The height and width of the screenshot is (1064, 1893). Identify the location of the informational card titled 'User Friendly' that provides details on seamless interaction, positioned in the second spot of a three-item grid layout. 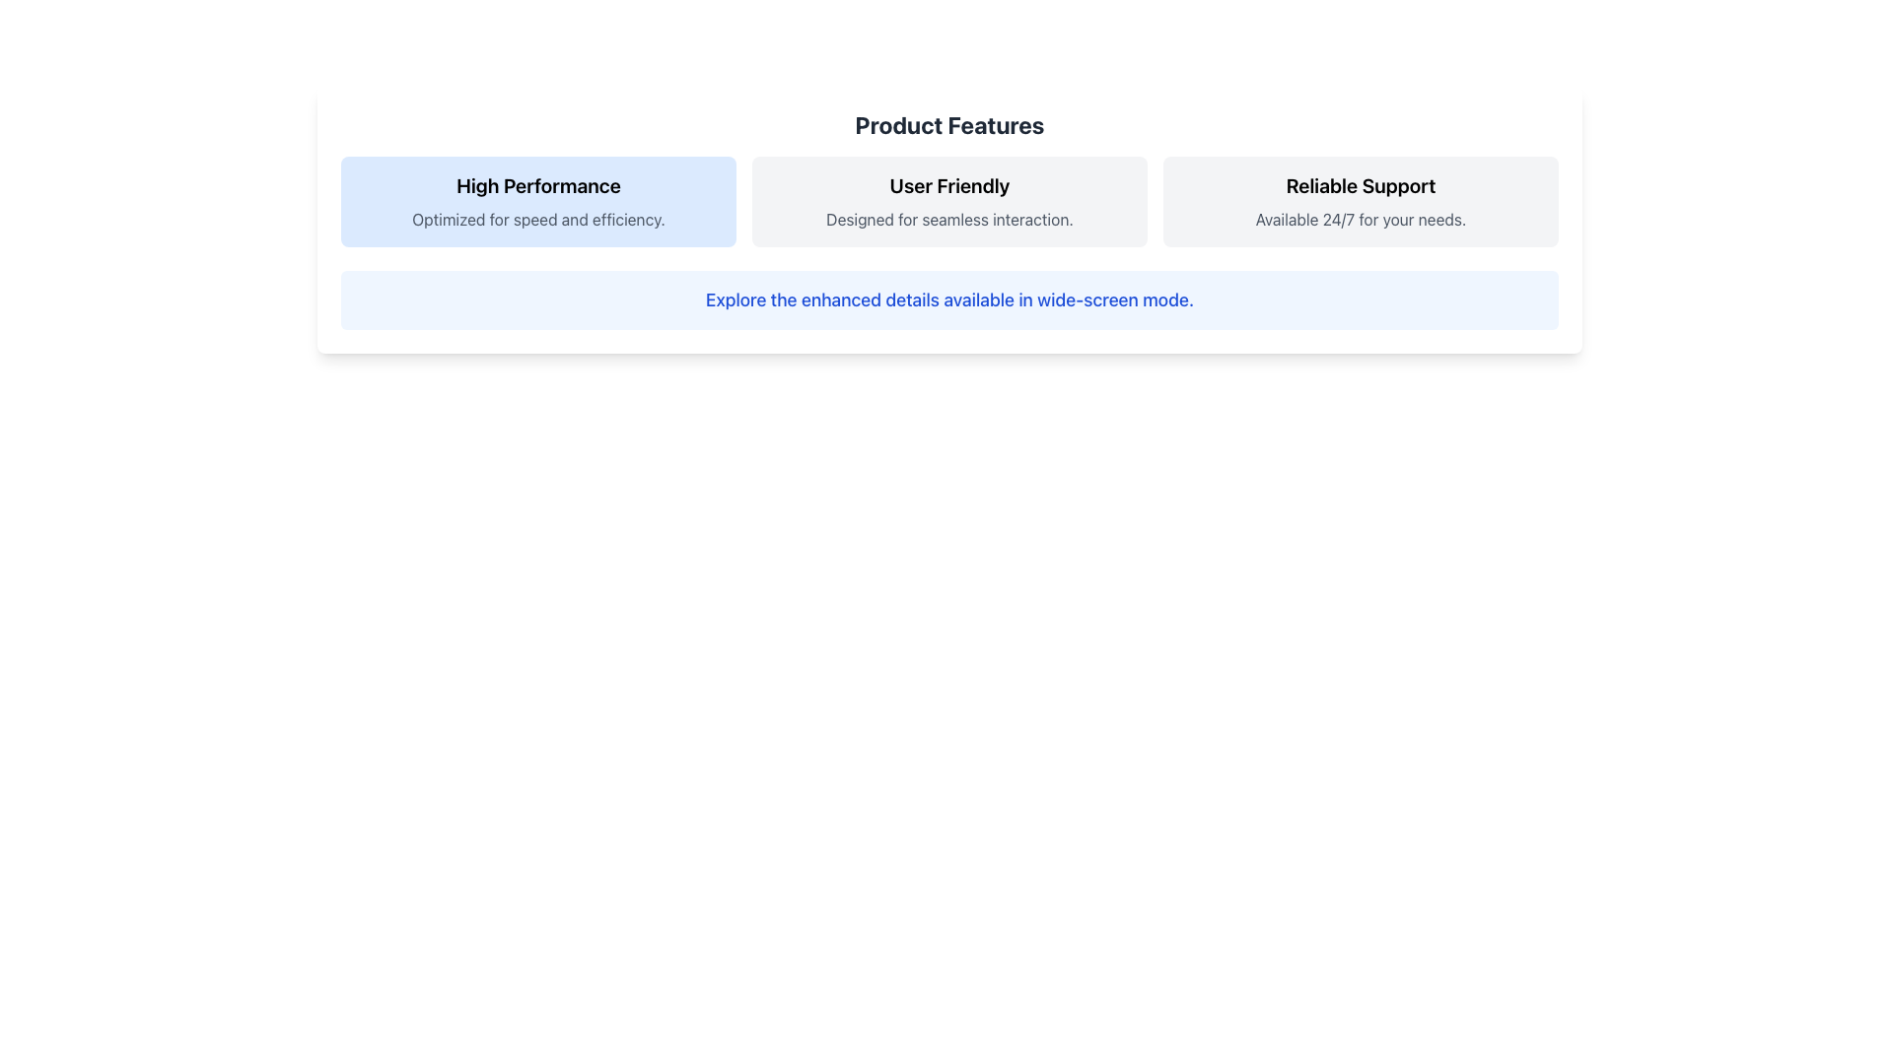
(949, 201).